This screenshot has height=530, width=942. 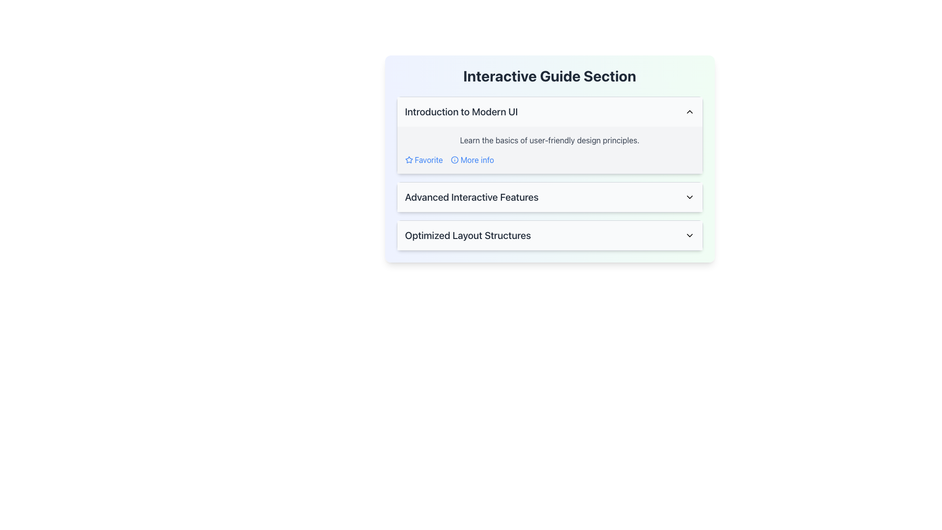 I want to click on the downward-facing chevron icon in the 'Advanced Interactive Features' section, so click(x=689, y=197).